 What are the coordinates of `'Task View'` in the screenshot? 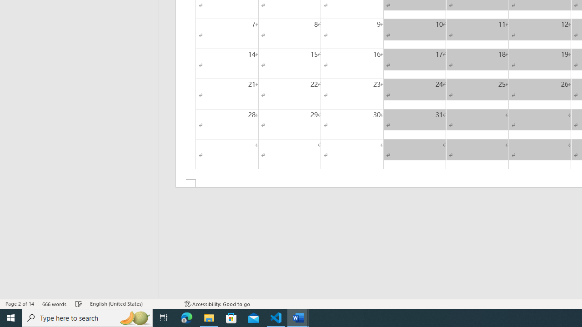 It's located at (163, 317).